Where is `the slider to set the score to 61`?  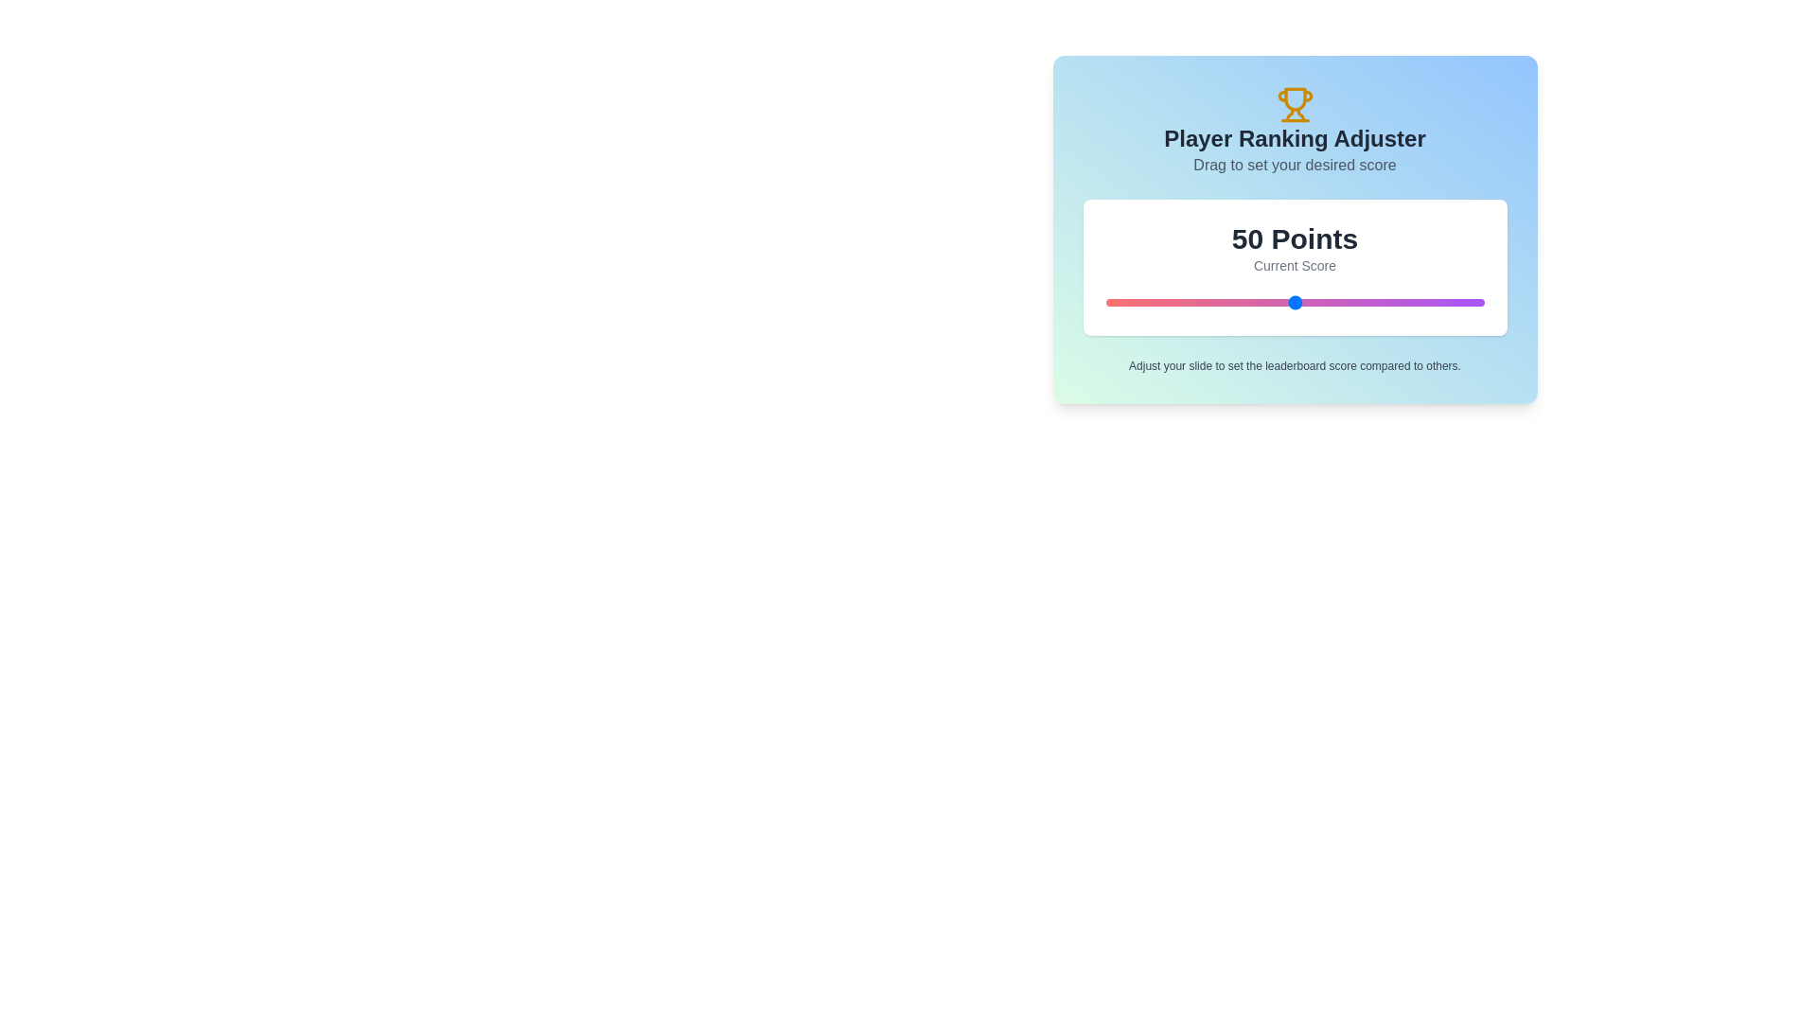
the slider to set the score to 61 is located at coordinates (1335, 302).